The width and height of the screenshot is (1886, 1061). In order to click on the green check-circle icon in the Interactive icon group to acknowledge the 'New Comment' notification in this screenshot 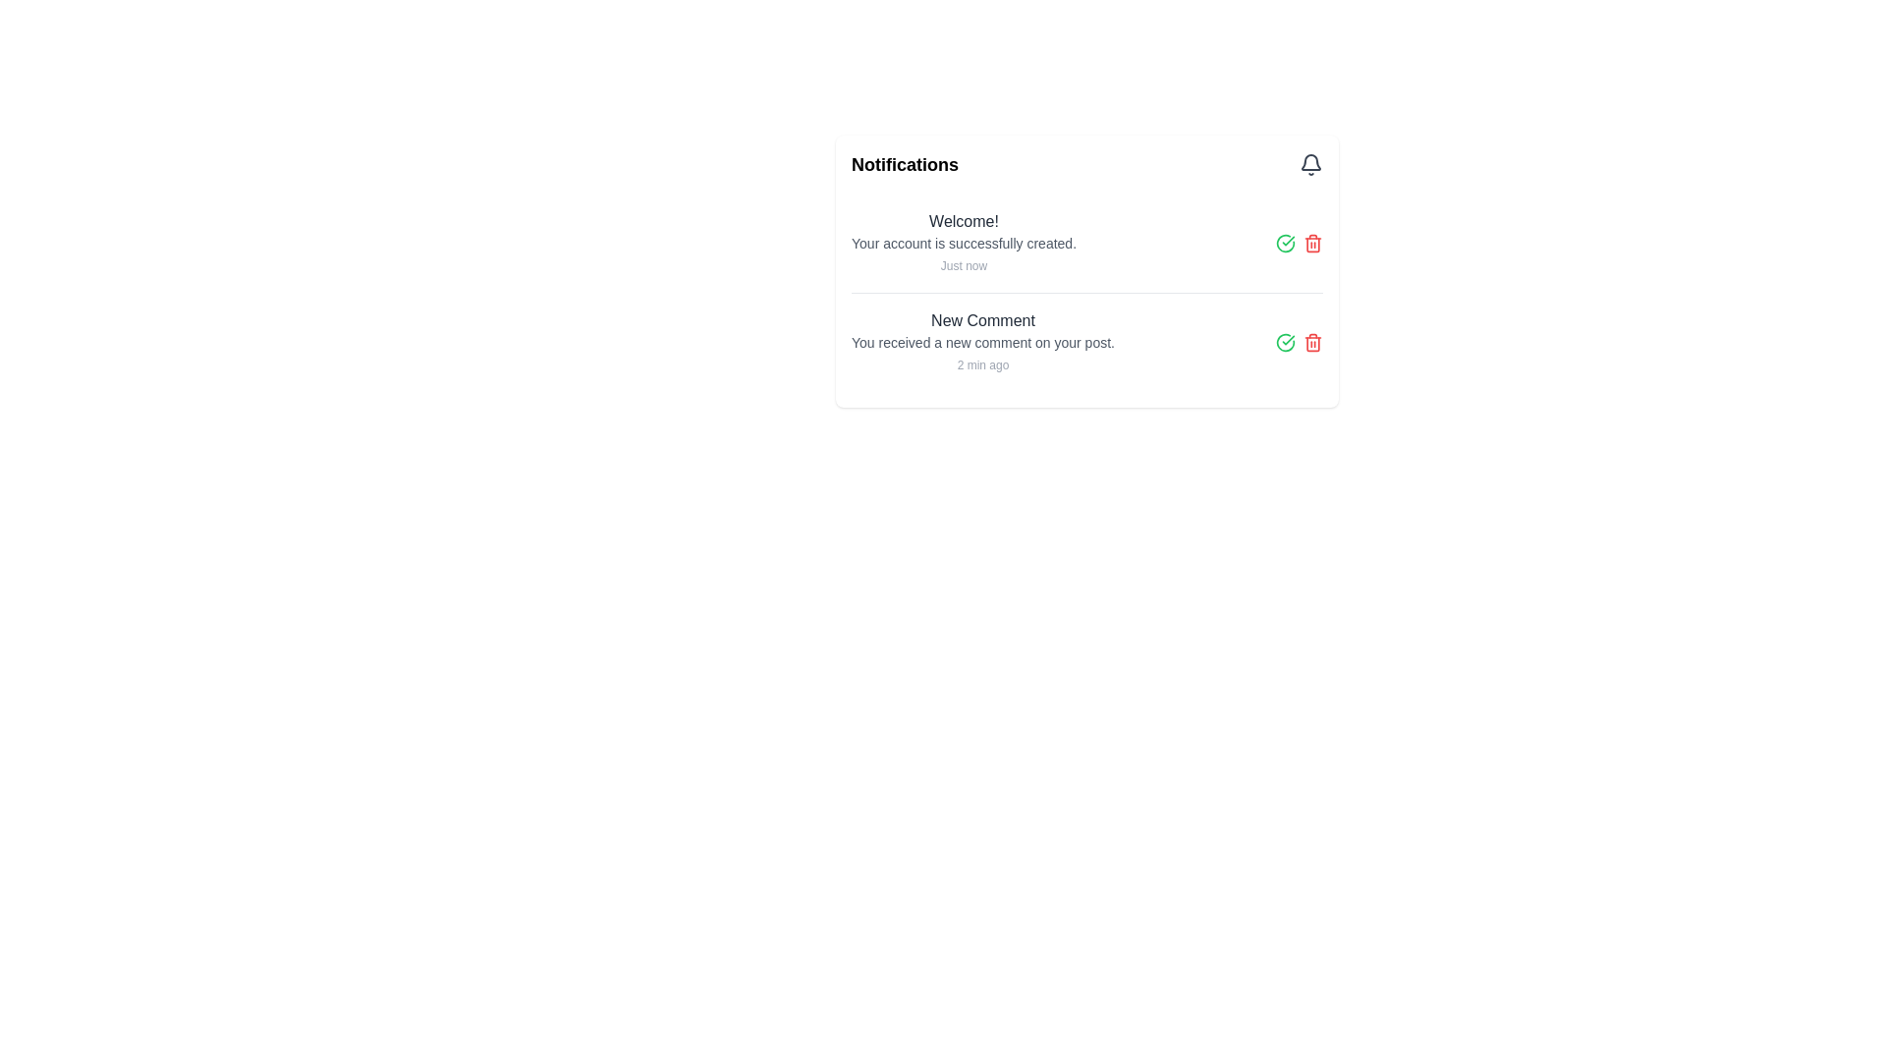, I will do `click(1300, 341)`.